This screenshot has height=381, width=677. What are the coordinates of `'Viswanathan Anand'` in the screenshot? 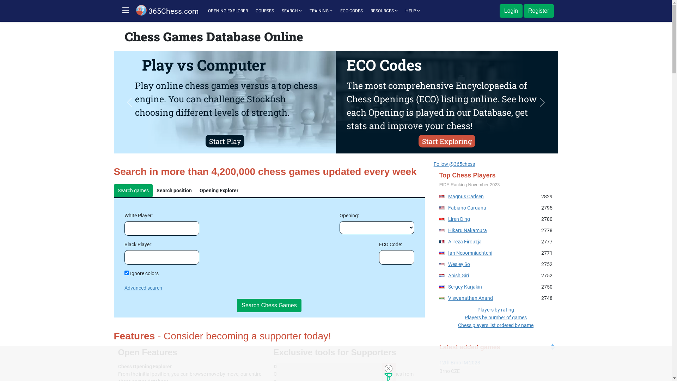 It's located at (470, 298).